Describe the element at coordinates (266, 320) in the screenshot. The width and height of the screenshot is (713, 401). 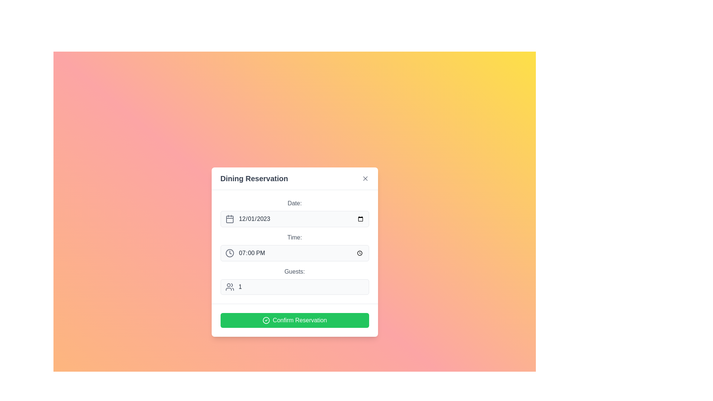
I see `the SVG circle representing part of the confirmation icon in the 'Confirm Reservation' button located in the lower part of the dialogue box` at that location.